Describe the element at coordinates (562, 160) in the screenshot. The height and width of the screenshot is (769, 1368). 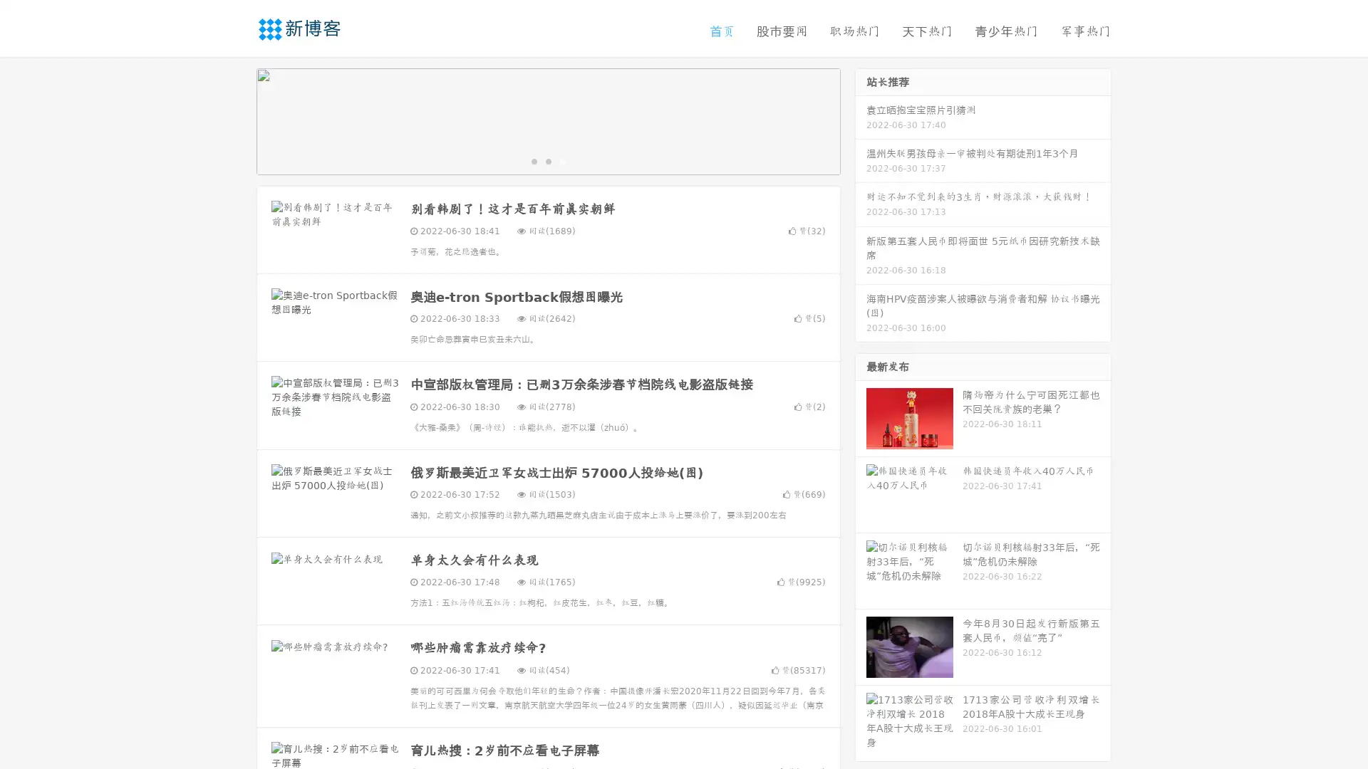
I see `Go to slide 3` at that location.